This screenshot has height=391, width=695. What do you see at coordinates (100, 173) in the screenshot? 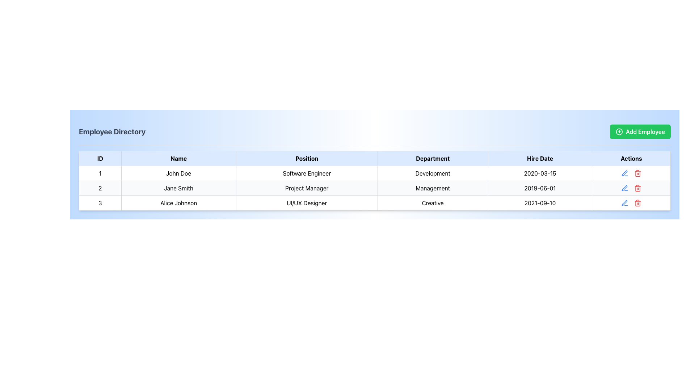
I see `the first cell in the row for employee 'John Doe' in the 'ID' column of the table` at bounding box center [100, 173].